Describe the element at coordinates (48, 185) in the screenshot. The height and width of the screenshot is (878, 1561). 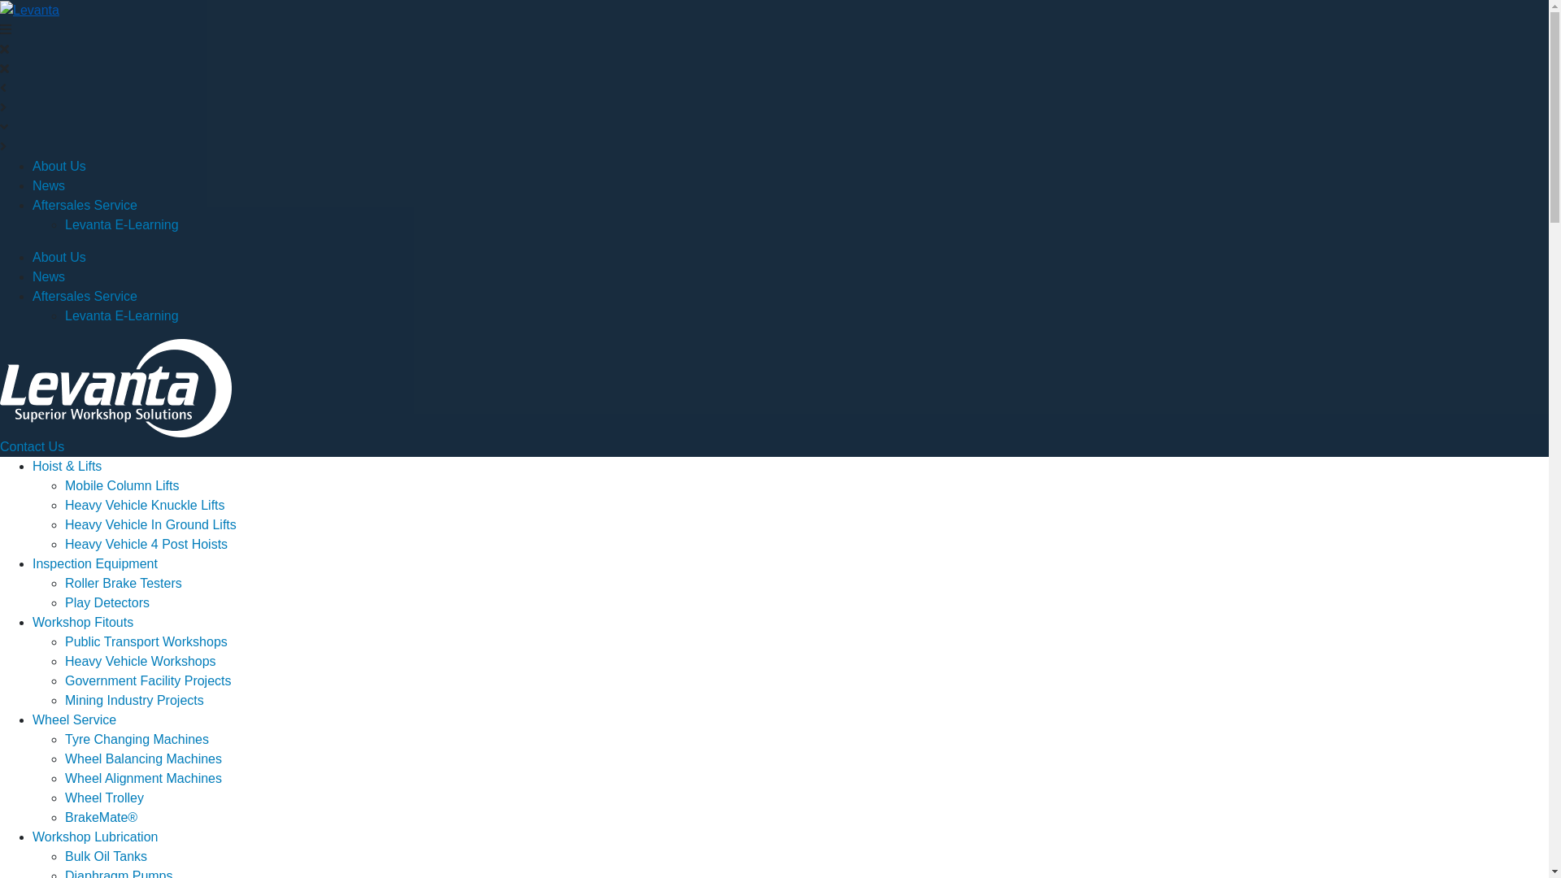
I see `'News'` at that location.